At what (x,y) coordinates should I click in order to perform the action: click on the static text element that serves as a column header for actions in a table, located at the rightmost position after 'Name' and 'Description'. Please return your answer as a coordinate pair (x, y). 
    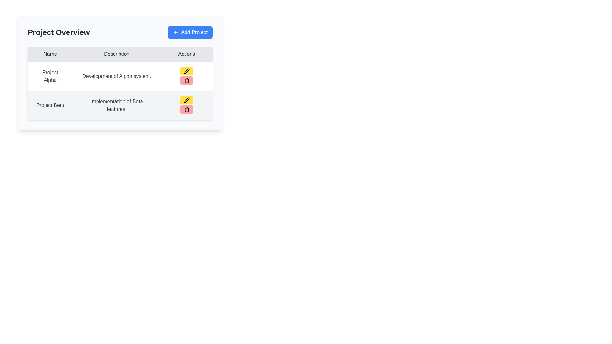
    Looking at the image, I should click on (186, 54).